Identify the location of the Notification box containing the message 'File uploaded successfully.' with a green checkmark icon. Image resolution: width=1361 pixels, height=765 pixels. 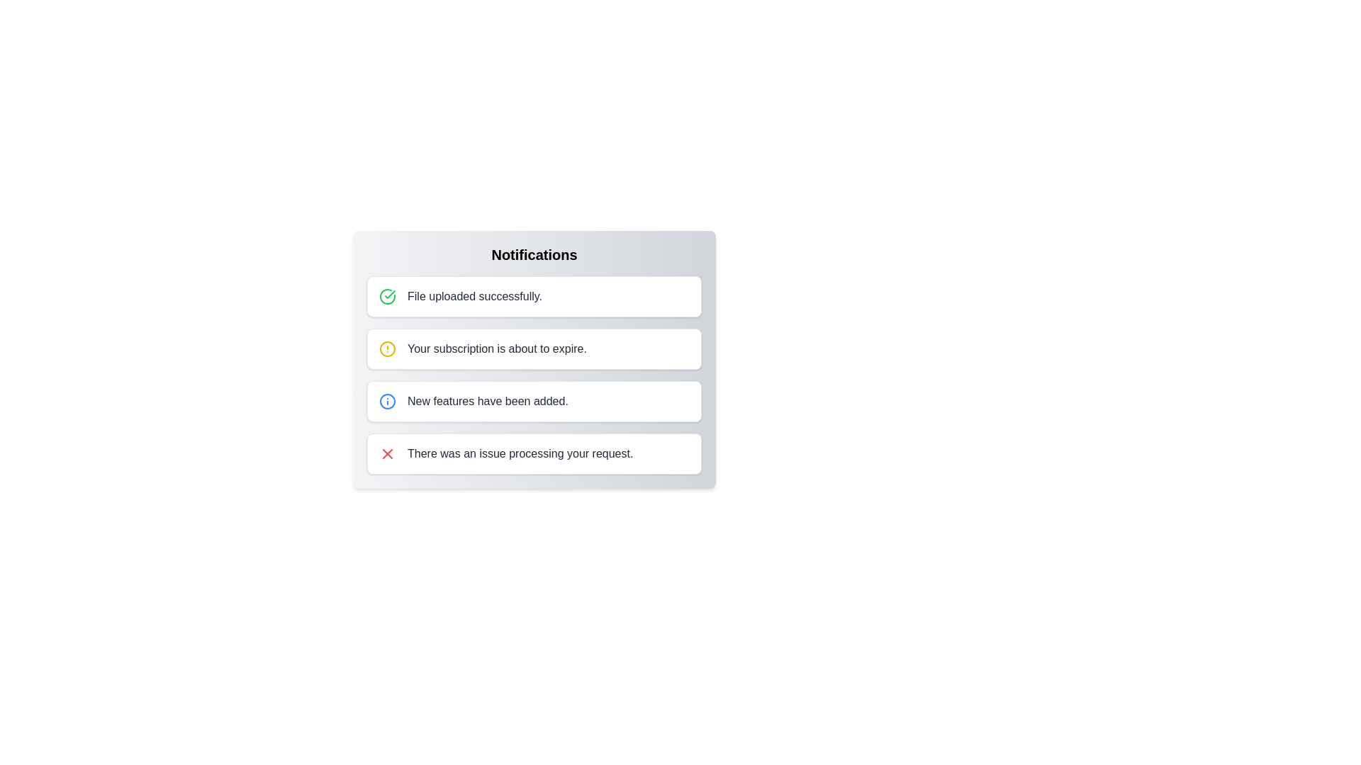
(533, 296).